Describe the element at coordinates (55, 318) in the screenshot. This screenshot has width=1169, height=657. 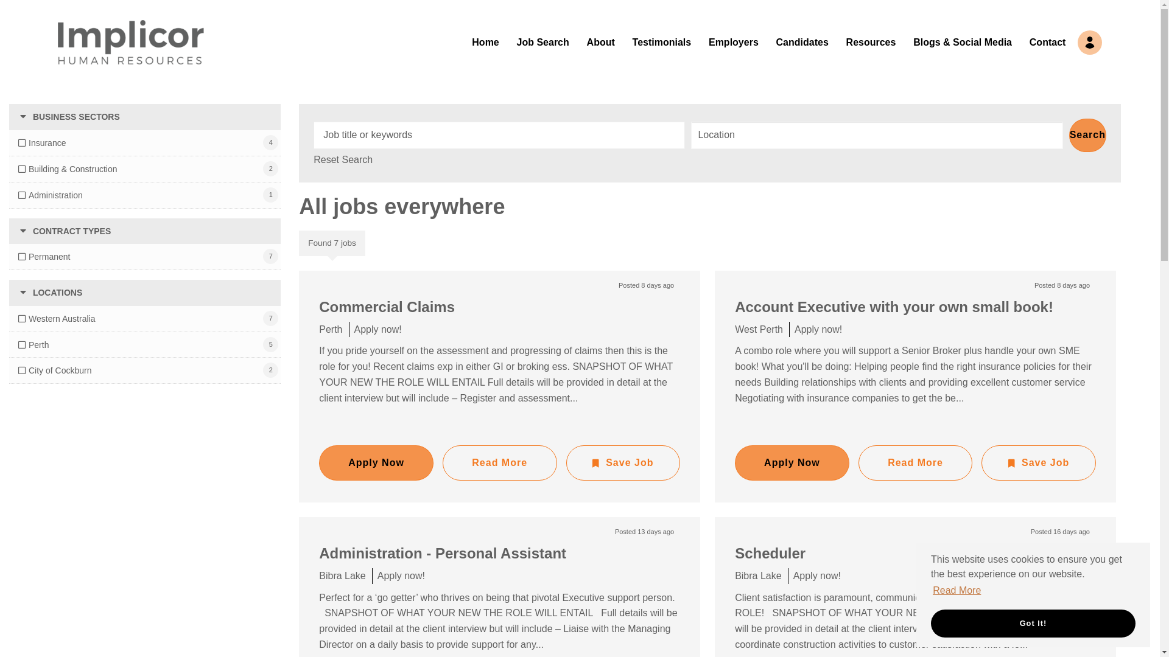
I see `'Western Australia` at that location.